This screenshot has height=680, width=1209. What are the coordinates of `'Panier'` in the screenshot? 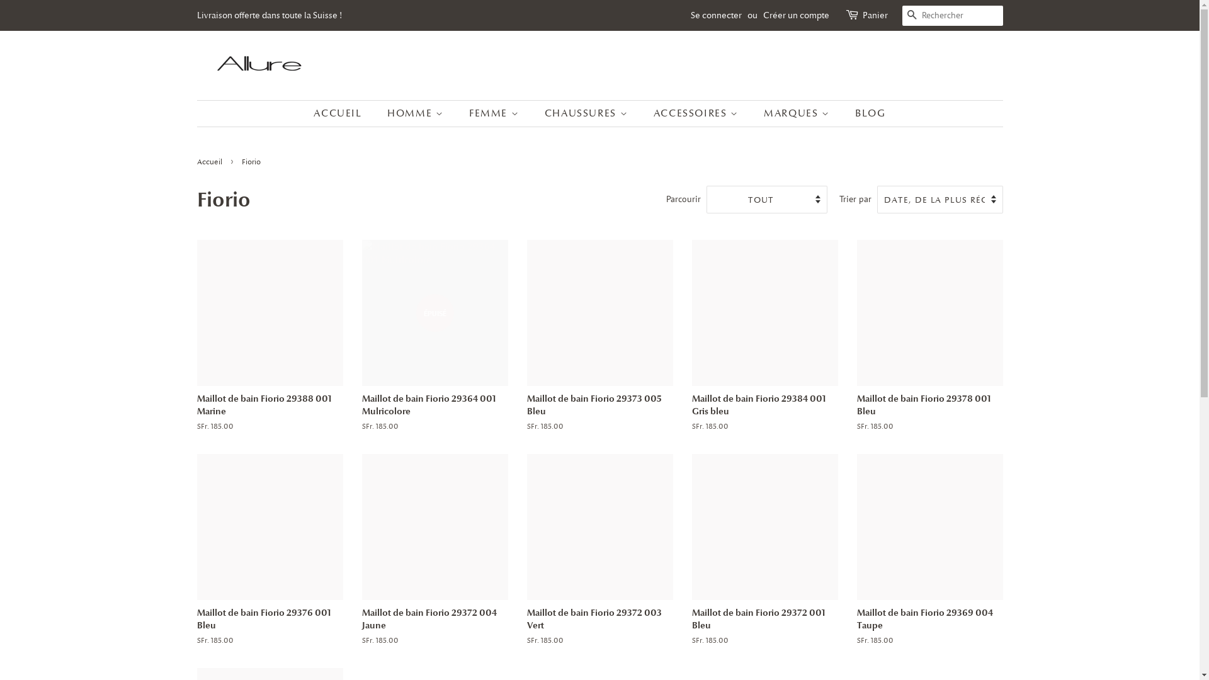 It's located at (875, 15).